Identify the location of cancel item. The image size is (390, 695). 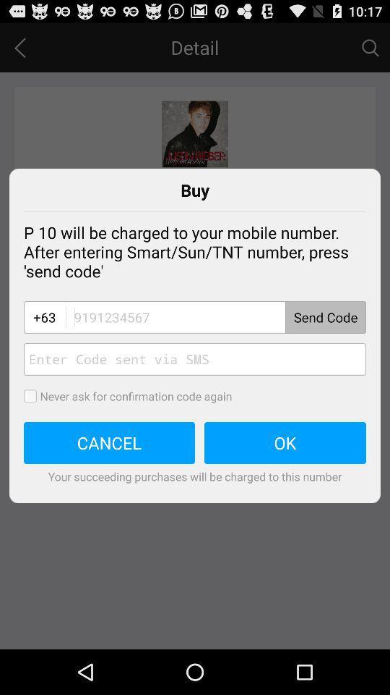
(108, 442).